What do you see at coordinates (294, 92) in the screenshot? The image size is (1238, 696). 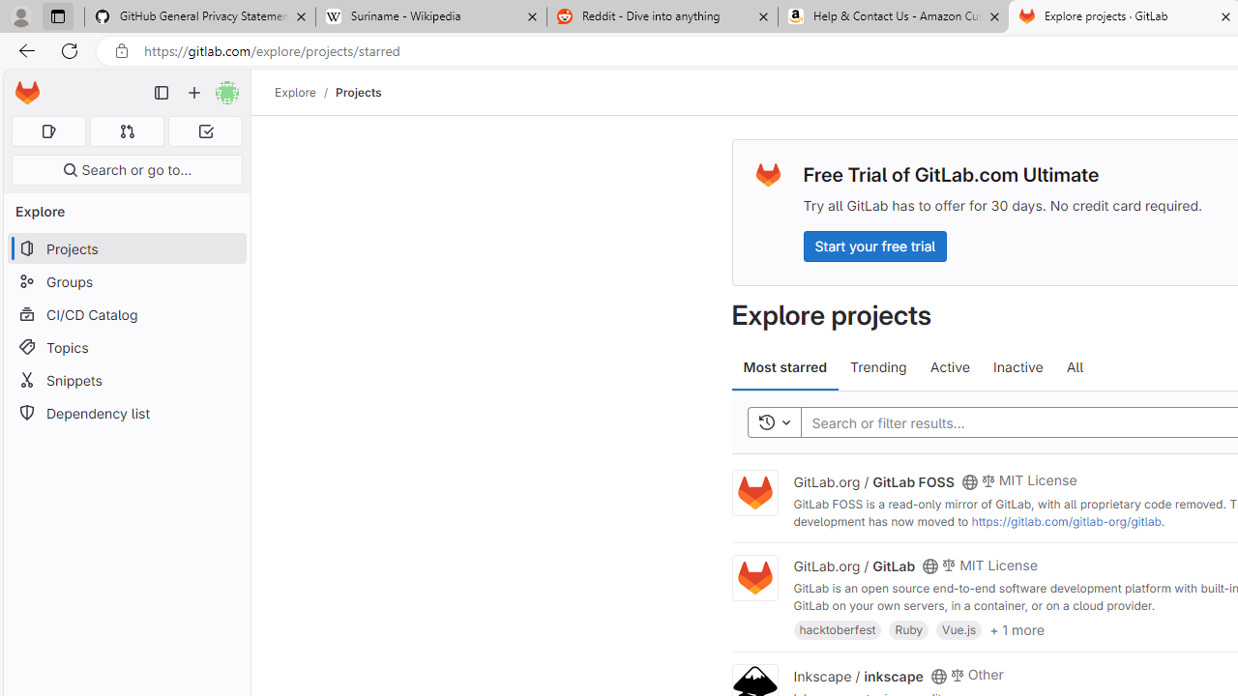 I see `'Explore'` at bounding box center [294, 92].